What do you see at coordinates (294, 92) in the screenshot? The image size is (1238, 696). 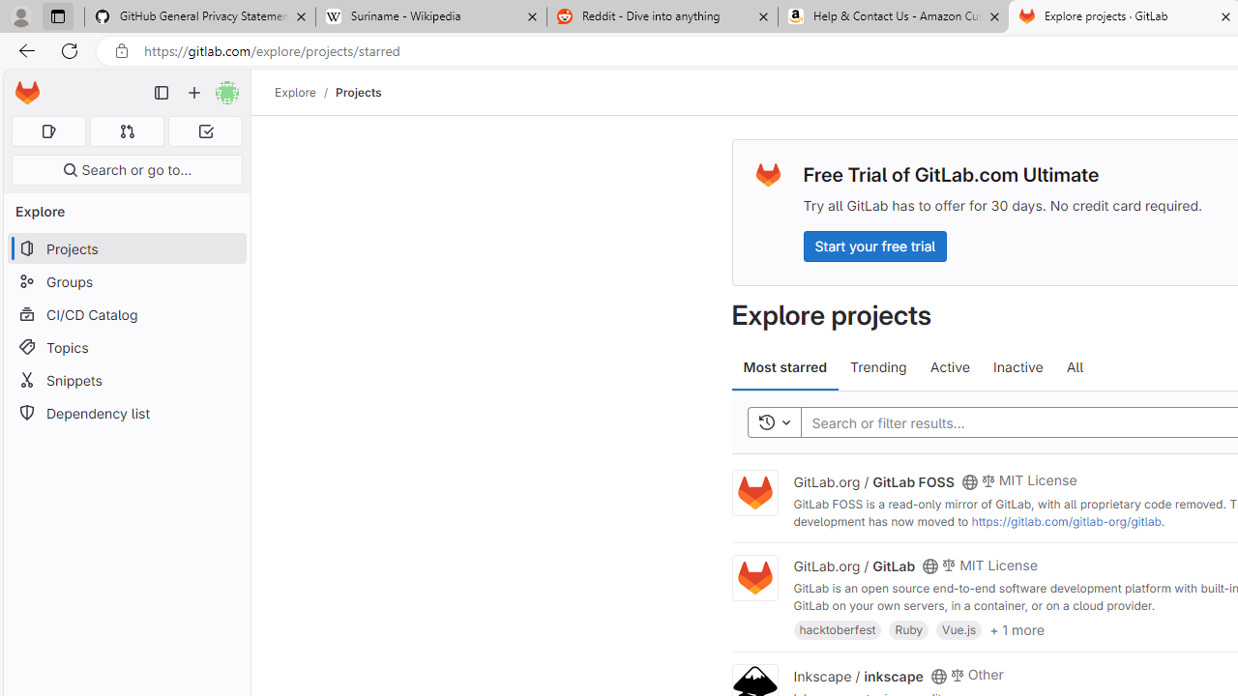 I see `'Explore'` at bounding box center [294, 92].